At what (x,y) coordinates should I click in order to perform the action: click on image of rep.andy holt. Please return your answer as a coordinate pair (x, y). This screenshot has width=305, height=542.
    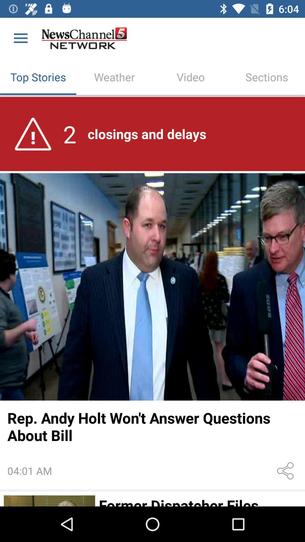
    Looking at the image, I should click on (152, 287).